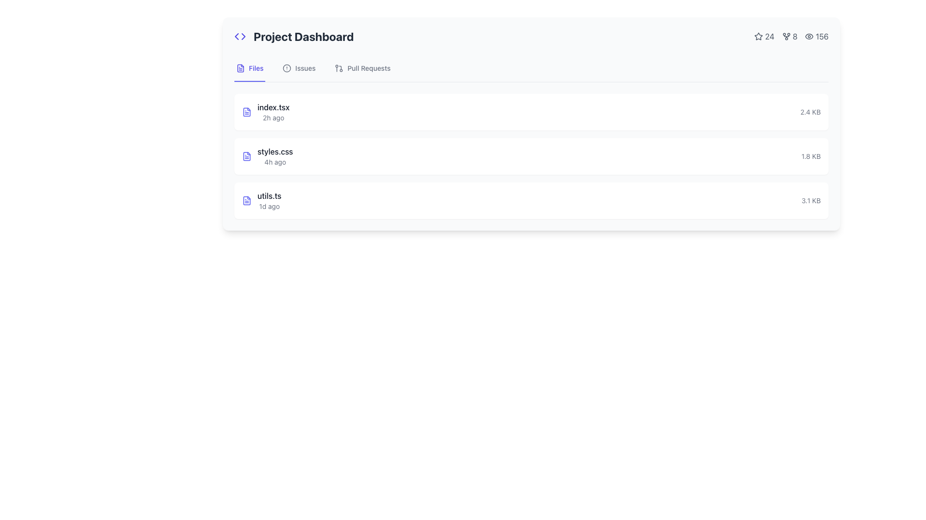 The width and height of the screenshot is (926, 520). I want to click on the text label displaying '2h ago', which is styled in a smaller gray font and located below the 'index.tsx' text in the dashboard layout, so click(273, 117).